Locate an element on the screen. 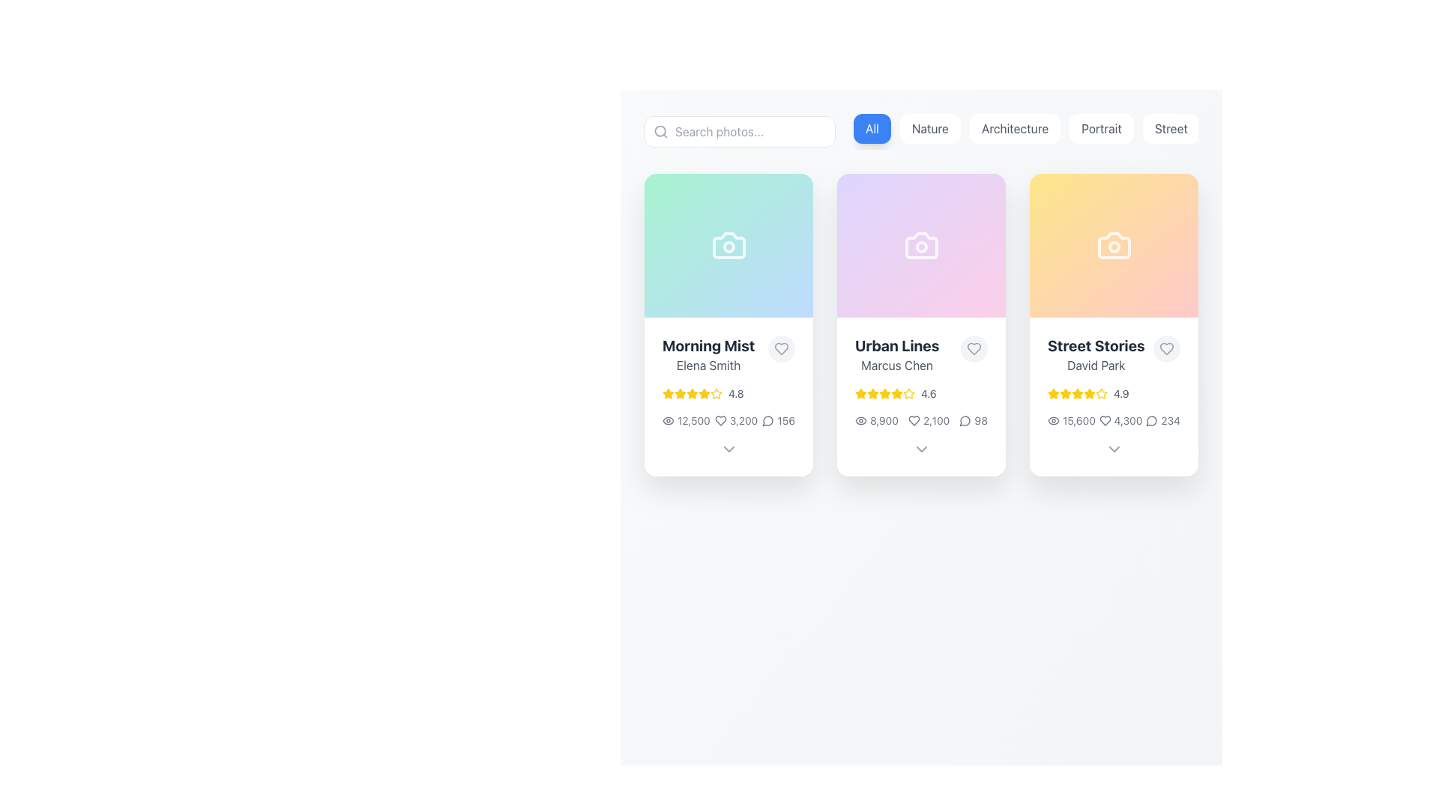 The height and width of the screenshot is (809, 1439). the fourth yellow star icon in the rating system for the 'Morning Mist' card, which is styled to indicate an active rating state is located at coordinates (692, 393).